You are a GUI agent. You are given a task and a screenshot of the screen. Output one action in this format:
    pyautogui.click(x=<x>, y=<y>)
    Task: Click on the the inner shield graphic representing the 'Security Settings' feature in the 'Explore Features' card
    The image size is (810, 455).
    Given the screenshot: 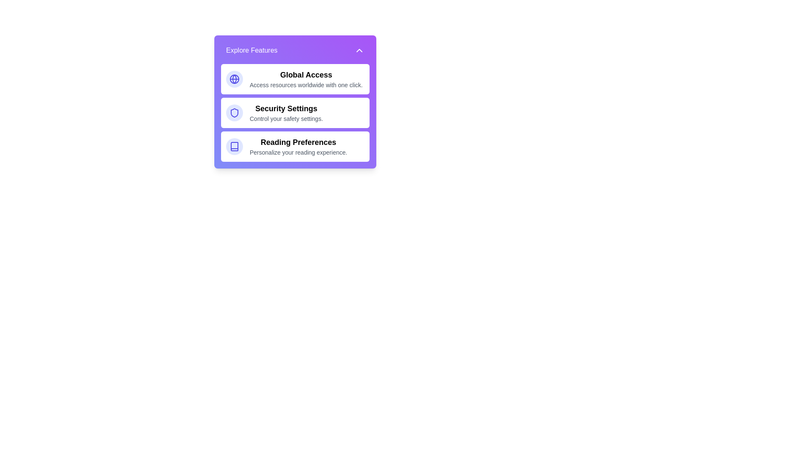 What is the action you would take?
    pyautogui.click(x=235, y=112)
    